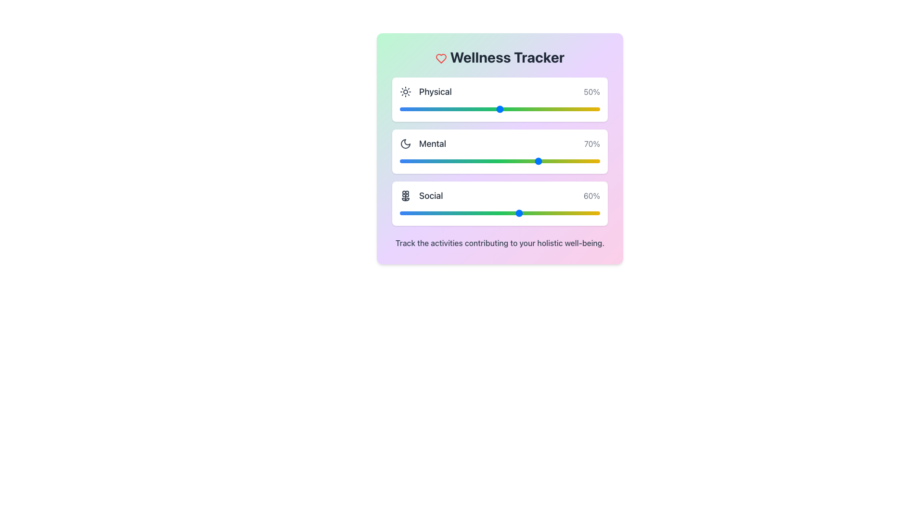 The width and height of the screenshot is (924, 520). I want to click on the slider (range input) located below the text 'Mental' and the percentage value '70%', so click(500, 161).